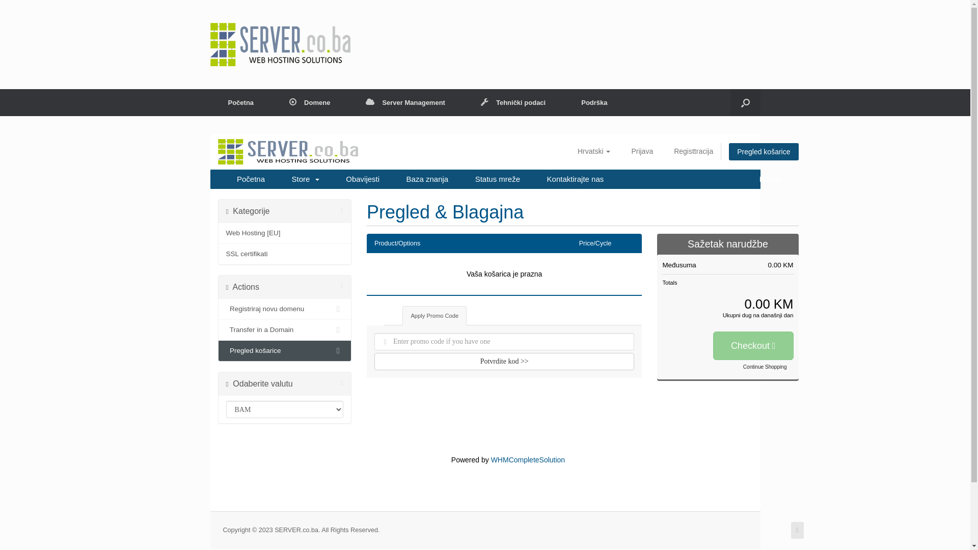 This screenshot has height=550, width=978. Describe the element at coordinates (362, 178) in the screenshot. I see `'Obavijesti'` at that location.